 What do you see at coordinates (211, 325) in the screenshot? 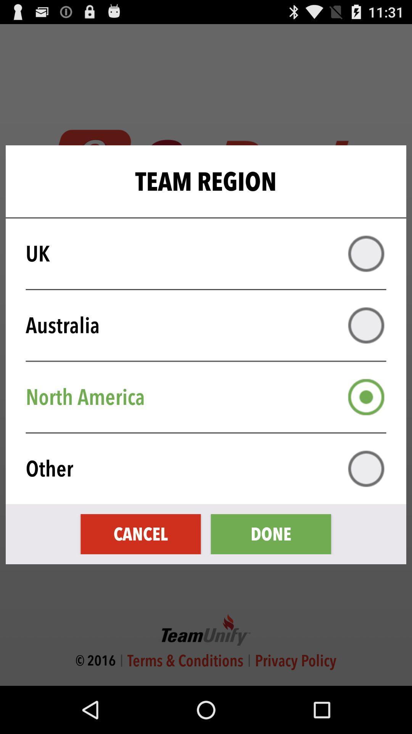
I see `australia` at bounding box center [211, 325].